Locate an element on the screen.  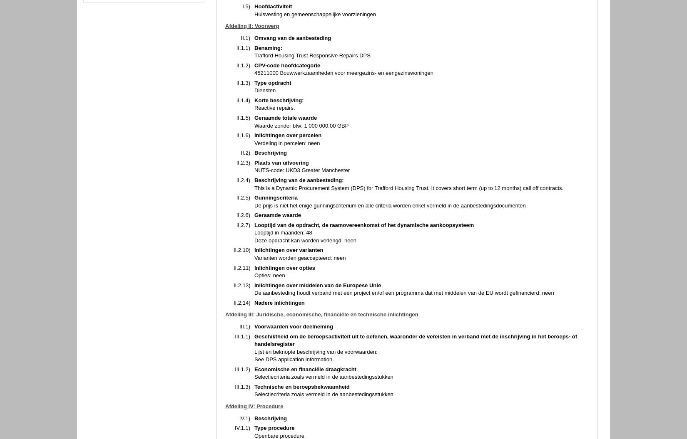
'Laatste update: 02/11/2023' is located at coordinates (110, 396).